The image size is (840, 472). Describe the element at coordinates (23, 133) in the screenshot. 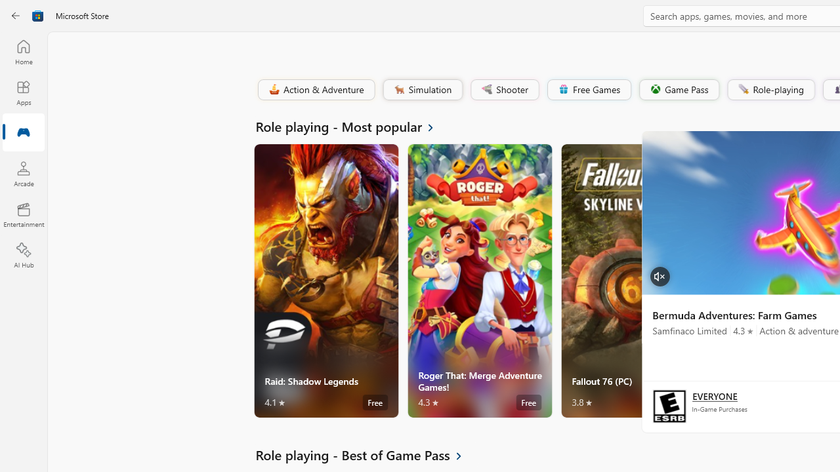

I see `'Gaming'` at that location.